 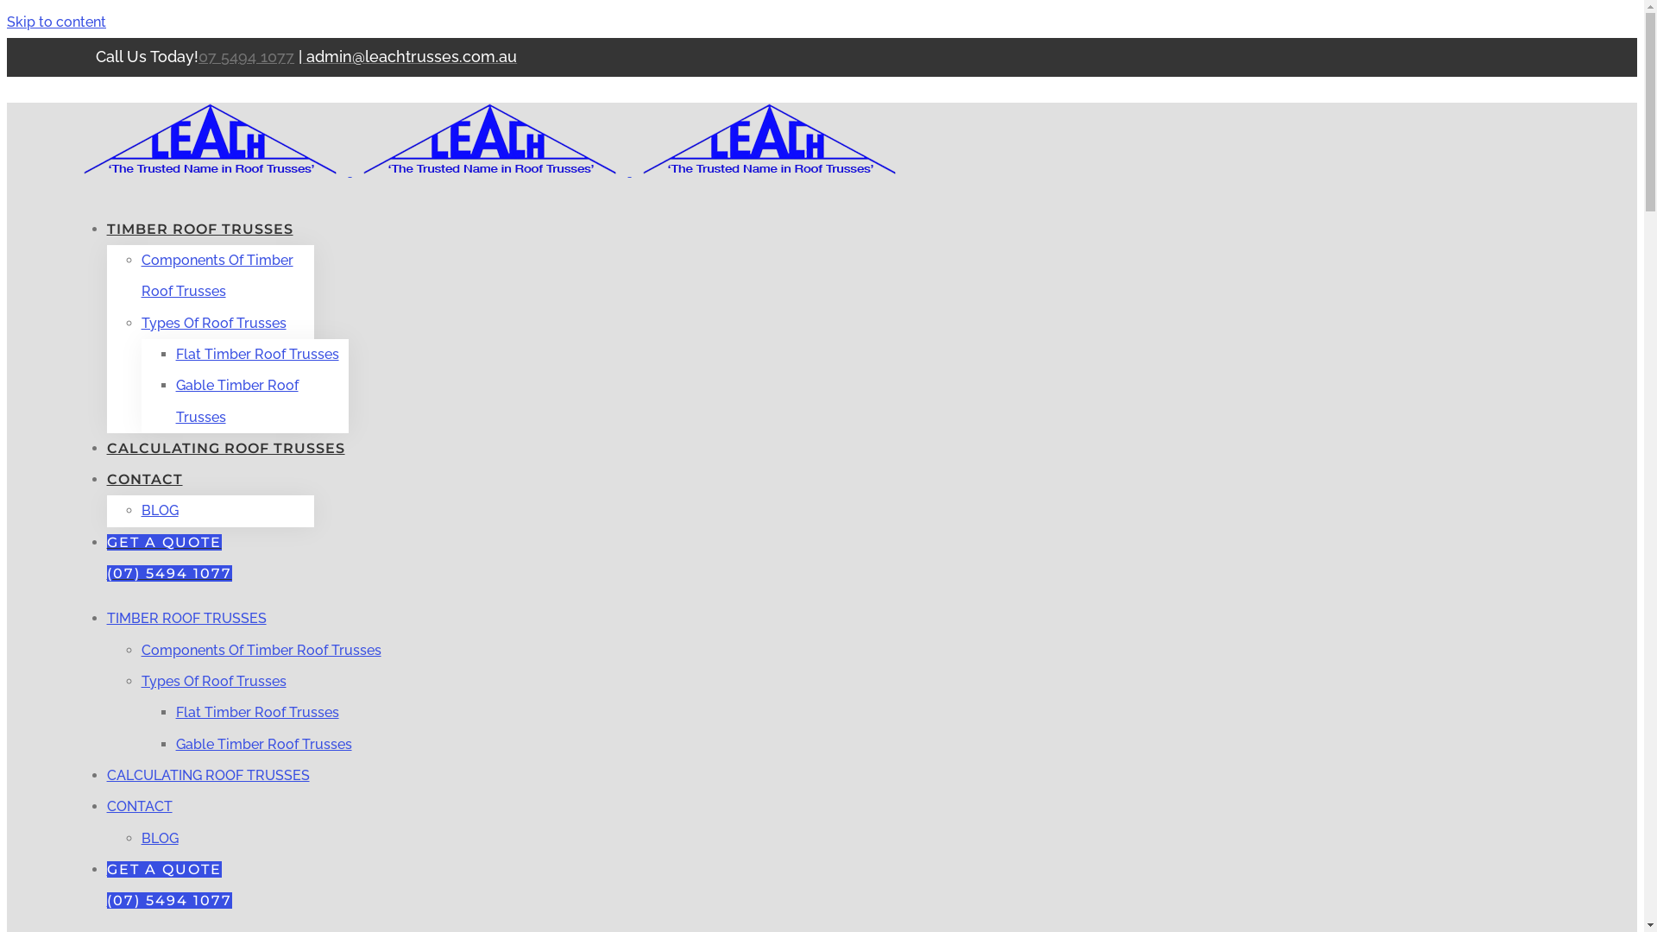 What do you see at coordinates (7, 22) in the screenshot?
I see `'Skip to content'` at bounding box center [7, 22].